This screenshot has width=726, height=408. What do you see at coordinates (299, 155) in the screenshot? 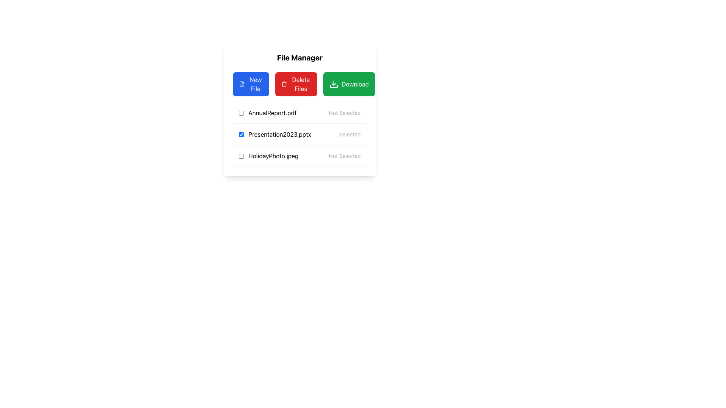
I see `the checkbox of the list item labeled 'HolidayPhoto.jpeg'` at bounding box center [299, 155].